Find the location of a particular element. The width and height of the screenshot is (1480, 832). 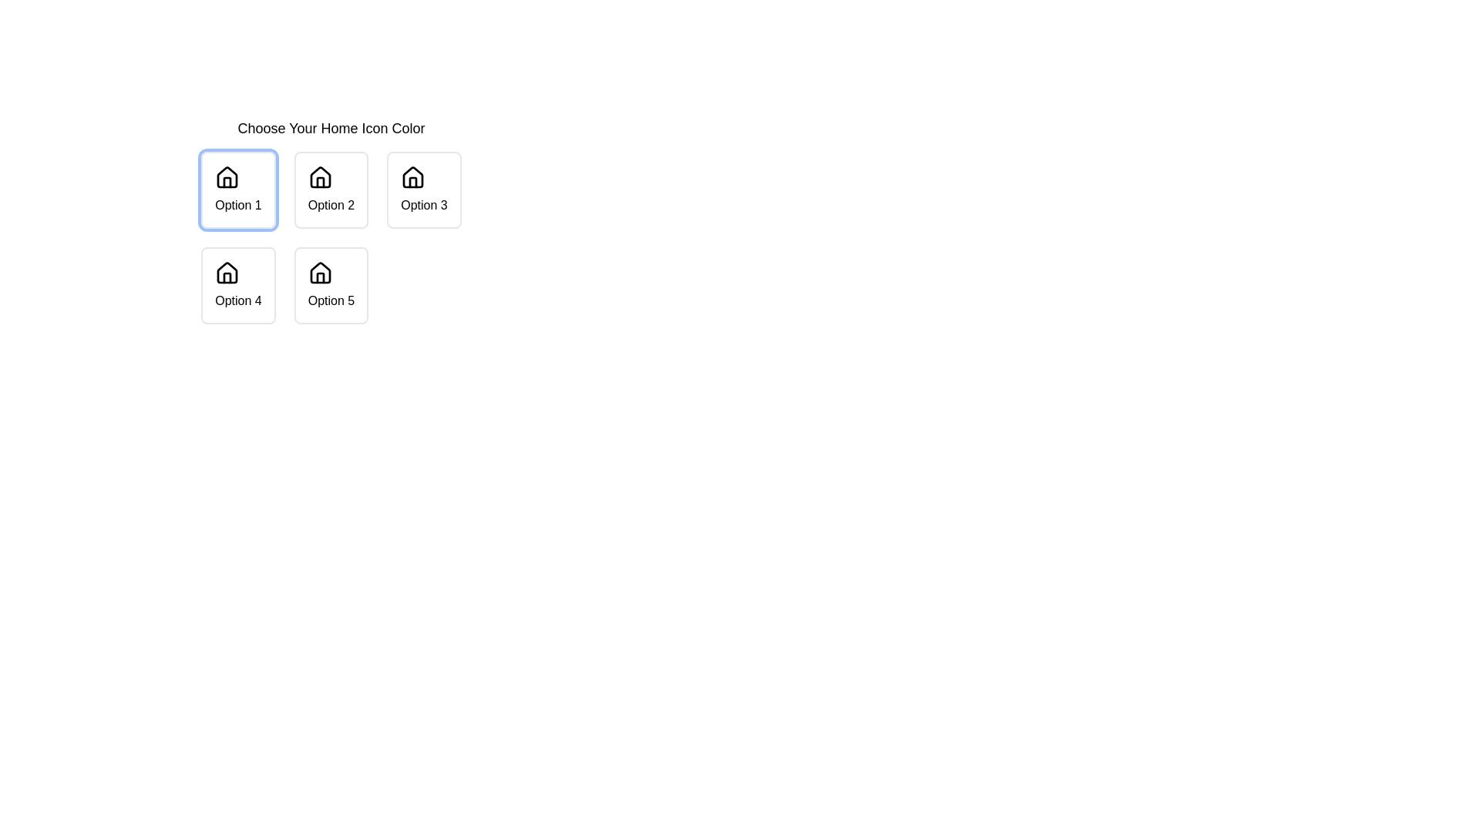

the door portion of the house icon in the third option of the selectable grid labeled as 'Option 3' is located at coordinates (413, 181).